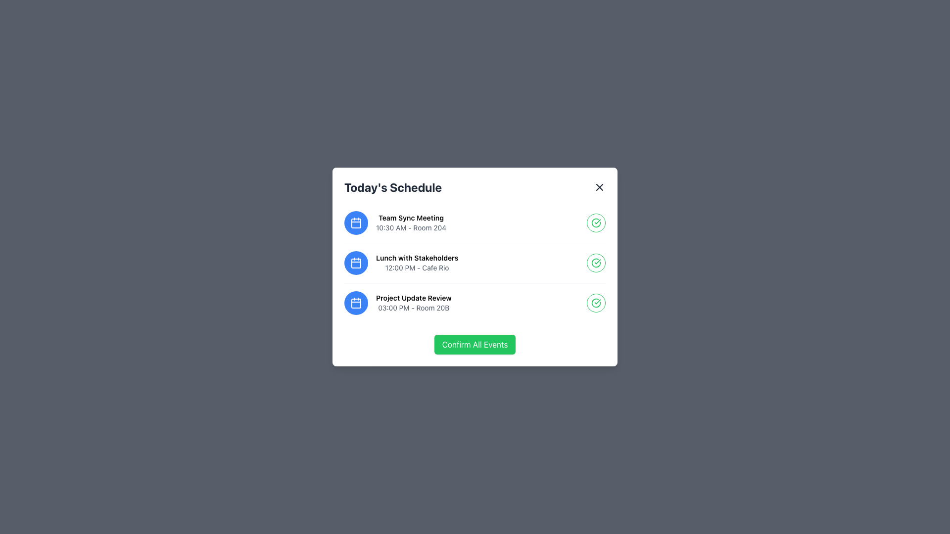 The image size is (950, 534). Describe the element at coordinates (414, 297) in the screenshot. I see `the static text label reading 'Project Update Review', which is the primary title of the third entry in the vertical list of scheduled events` at that location.